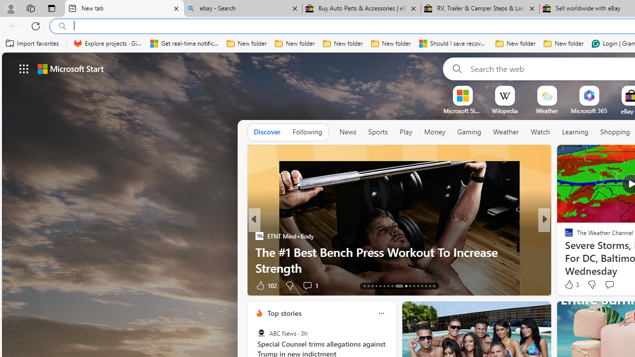 The width and height of the screenshot is (635, 357). Describe the element at coordinates (372, 286) in the screenshot. I see `'AutomationID: tab-15'` at that location.